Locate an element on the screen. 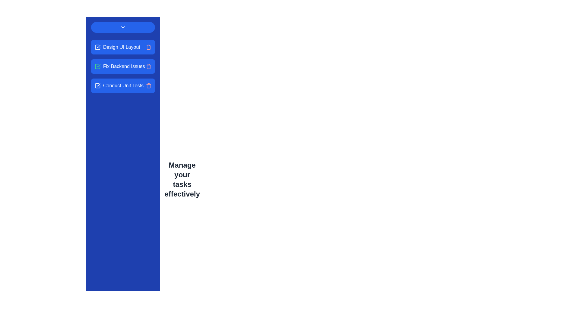  the dropdown icon located near the center of a rounded rectangular button with a light blue background is located at coordinates (122, 27).